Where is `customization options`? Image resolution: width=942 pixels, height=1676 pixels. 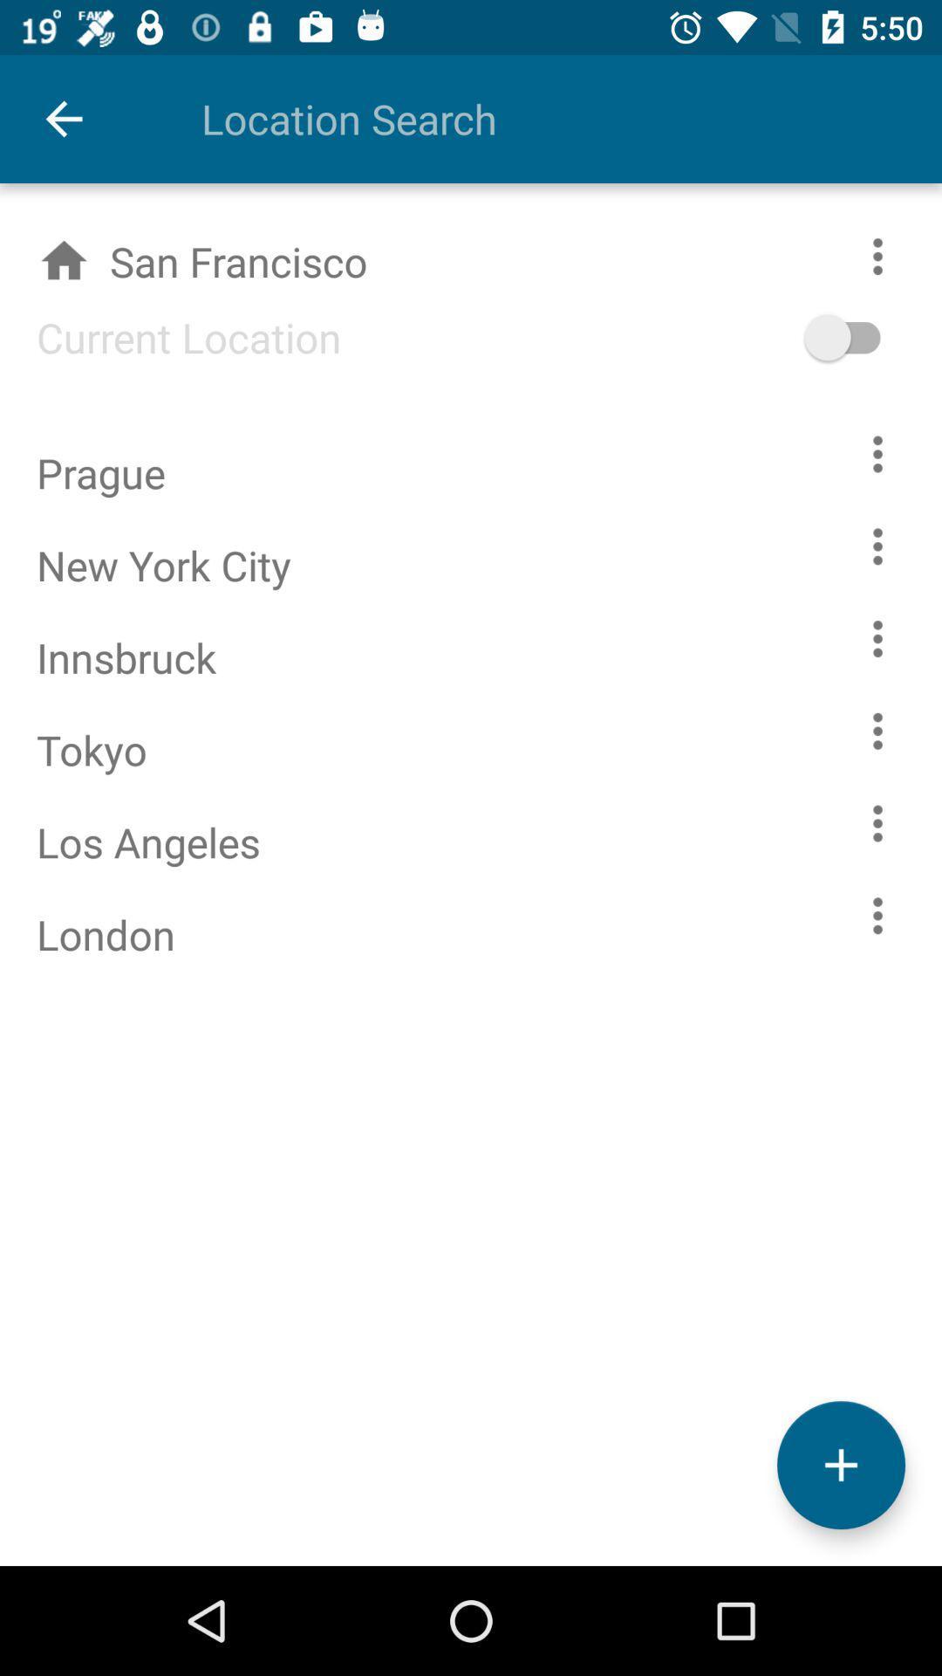 customization options is located at coordinates (896, 255).